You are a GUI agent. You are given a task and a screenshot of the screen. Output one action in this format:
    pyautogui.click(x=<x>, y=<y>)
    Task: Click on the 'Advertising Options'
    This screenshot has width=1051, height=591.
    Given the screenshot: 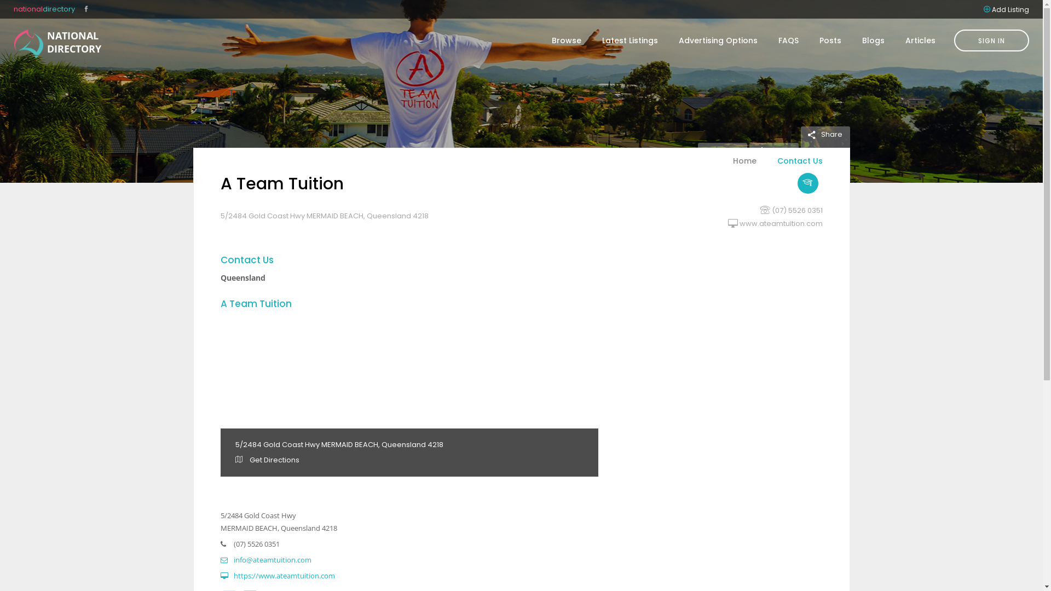 What is the action you would take?
    pyautogui.click(x=718, y=39)
    